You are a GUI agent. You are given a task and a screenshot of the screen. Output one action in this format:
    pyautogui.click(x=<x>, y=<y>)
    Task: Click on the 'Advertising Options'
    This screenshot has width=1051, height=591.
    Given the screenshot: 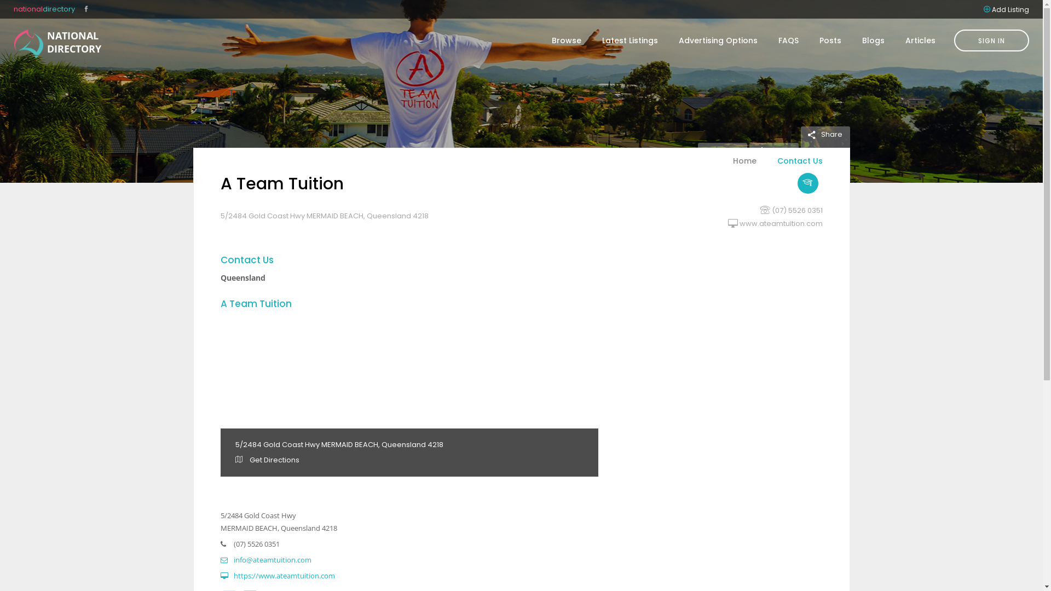 What is the action you would take?
    pyautogui.click(x=718, y=39)
    